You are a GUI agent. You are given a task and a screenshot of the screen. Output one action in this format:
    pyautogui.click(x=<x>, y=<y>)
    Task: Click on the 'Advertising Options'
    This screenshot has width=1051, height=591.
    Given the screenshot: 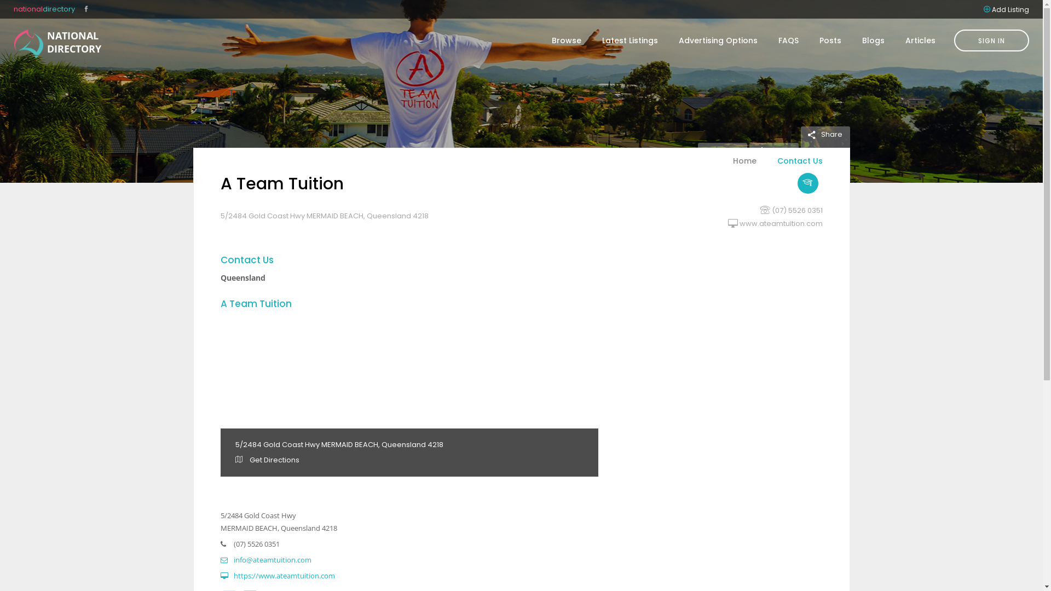 What is the action you would take?
    pyautogui.click(x=718, y=39)
    